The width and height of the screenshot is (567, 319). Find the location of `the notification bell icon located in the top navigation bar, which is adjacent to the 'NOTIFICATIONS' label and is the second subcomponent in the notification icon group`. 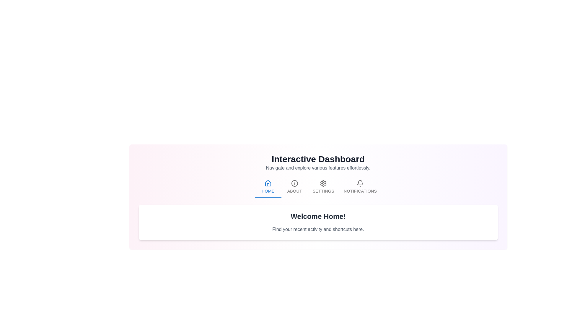

the notification bell icon located in the top navigation bar, which is adjacent to the 'NOTIFICATIONS' label and is the second subcomponent in the notification icon group is located at coordinates (360, 182).